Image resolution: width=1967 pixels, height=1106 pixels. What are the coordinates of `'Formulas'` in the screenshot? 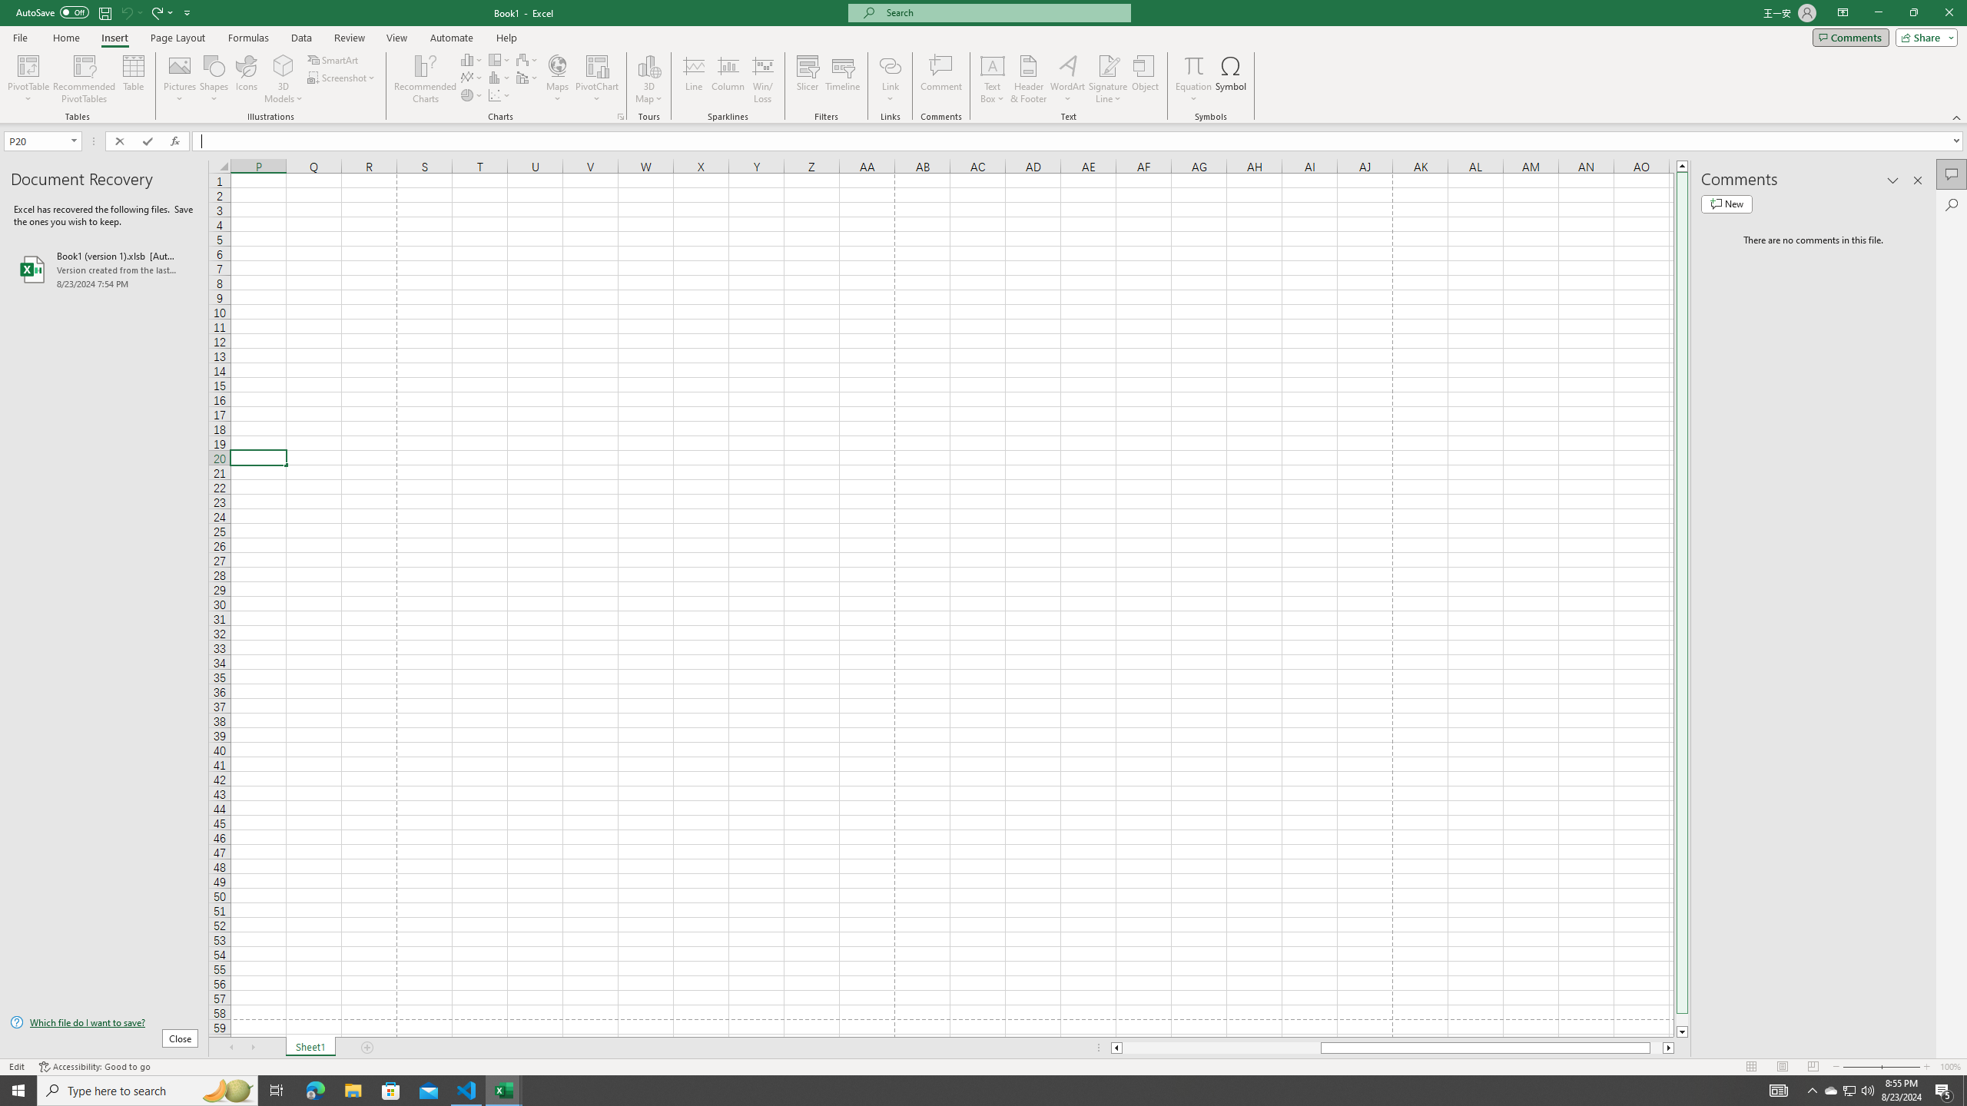 It's located at (250, 38).